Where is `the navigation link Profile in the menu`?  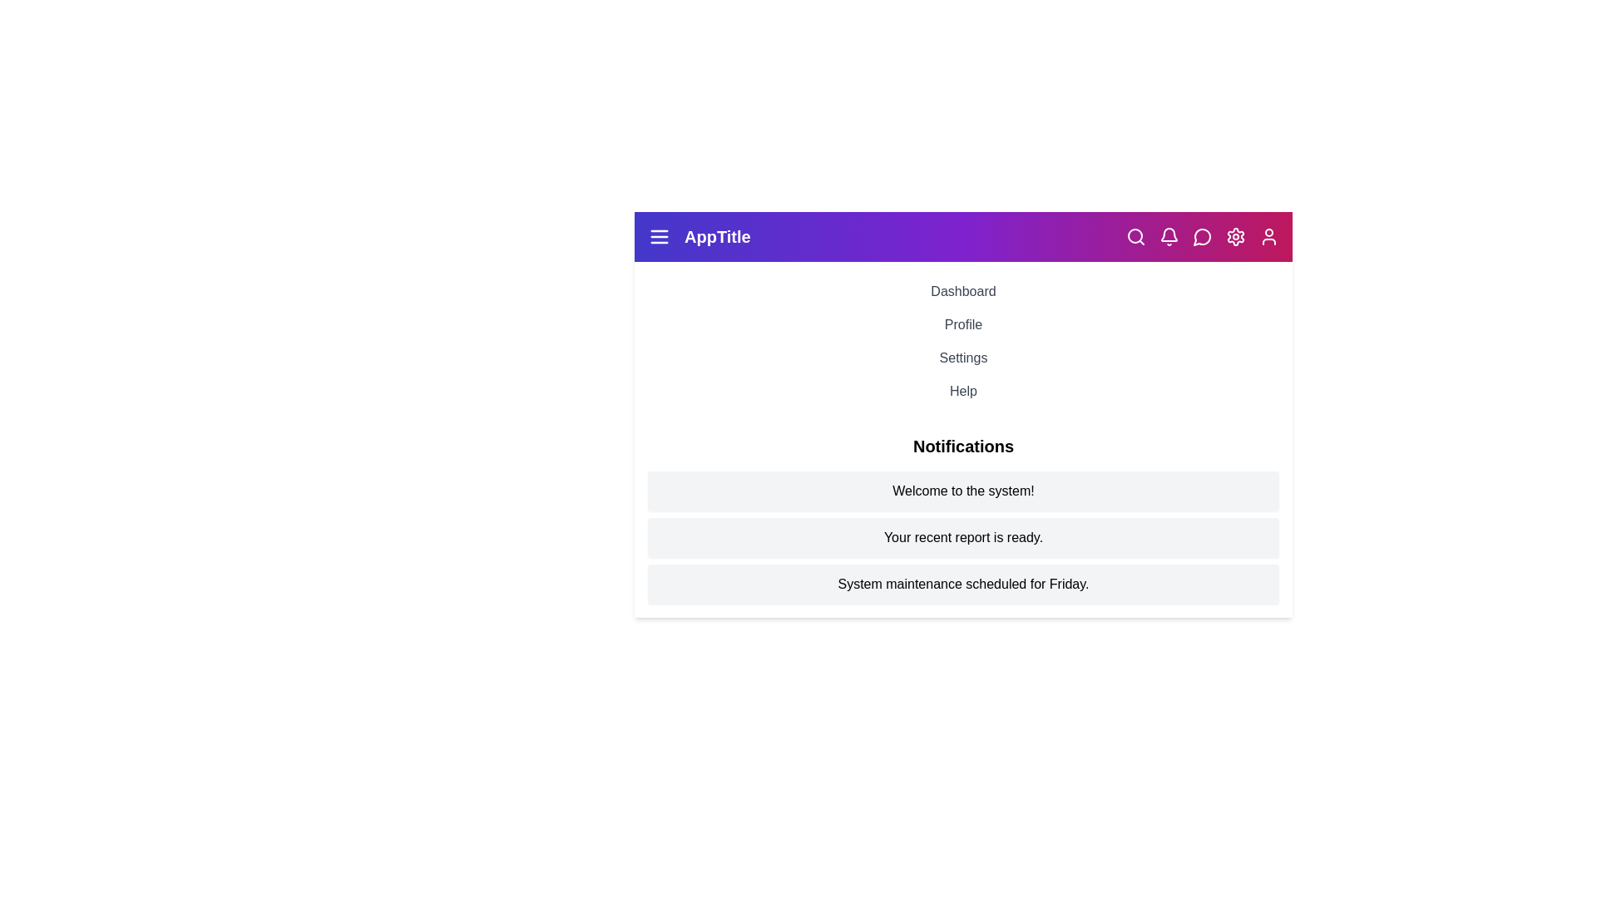 the navigation link Profile in the menu is located at coordinates (963, 324).